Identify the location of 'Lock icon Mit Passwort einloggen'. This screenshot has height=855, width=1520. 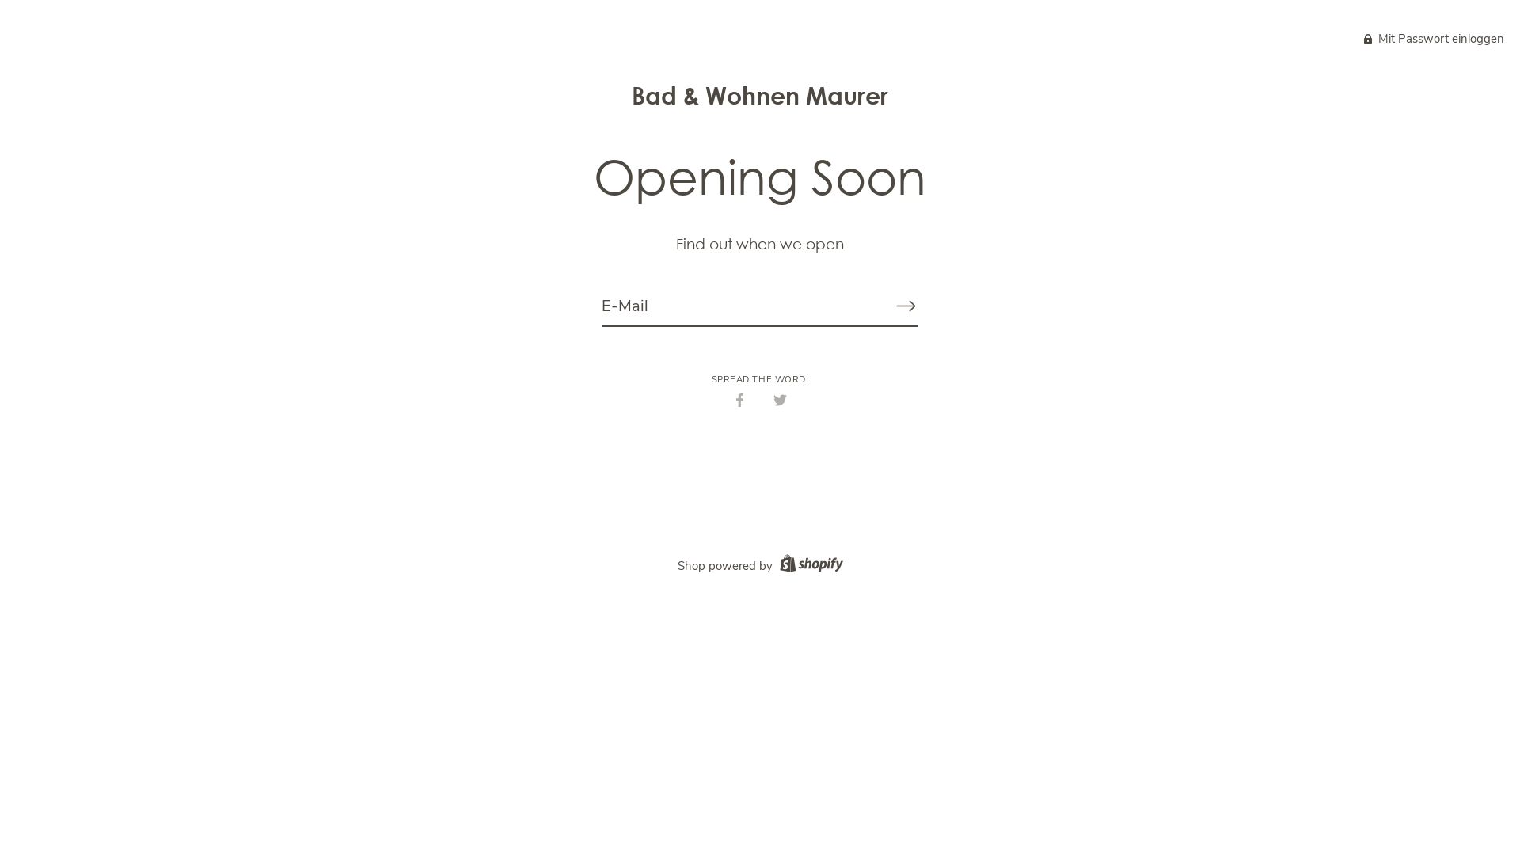
(1434, 38).